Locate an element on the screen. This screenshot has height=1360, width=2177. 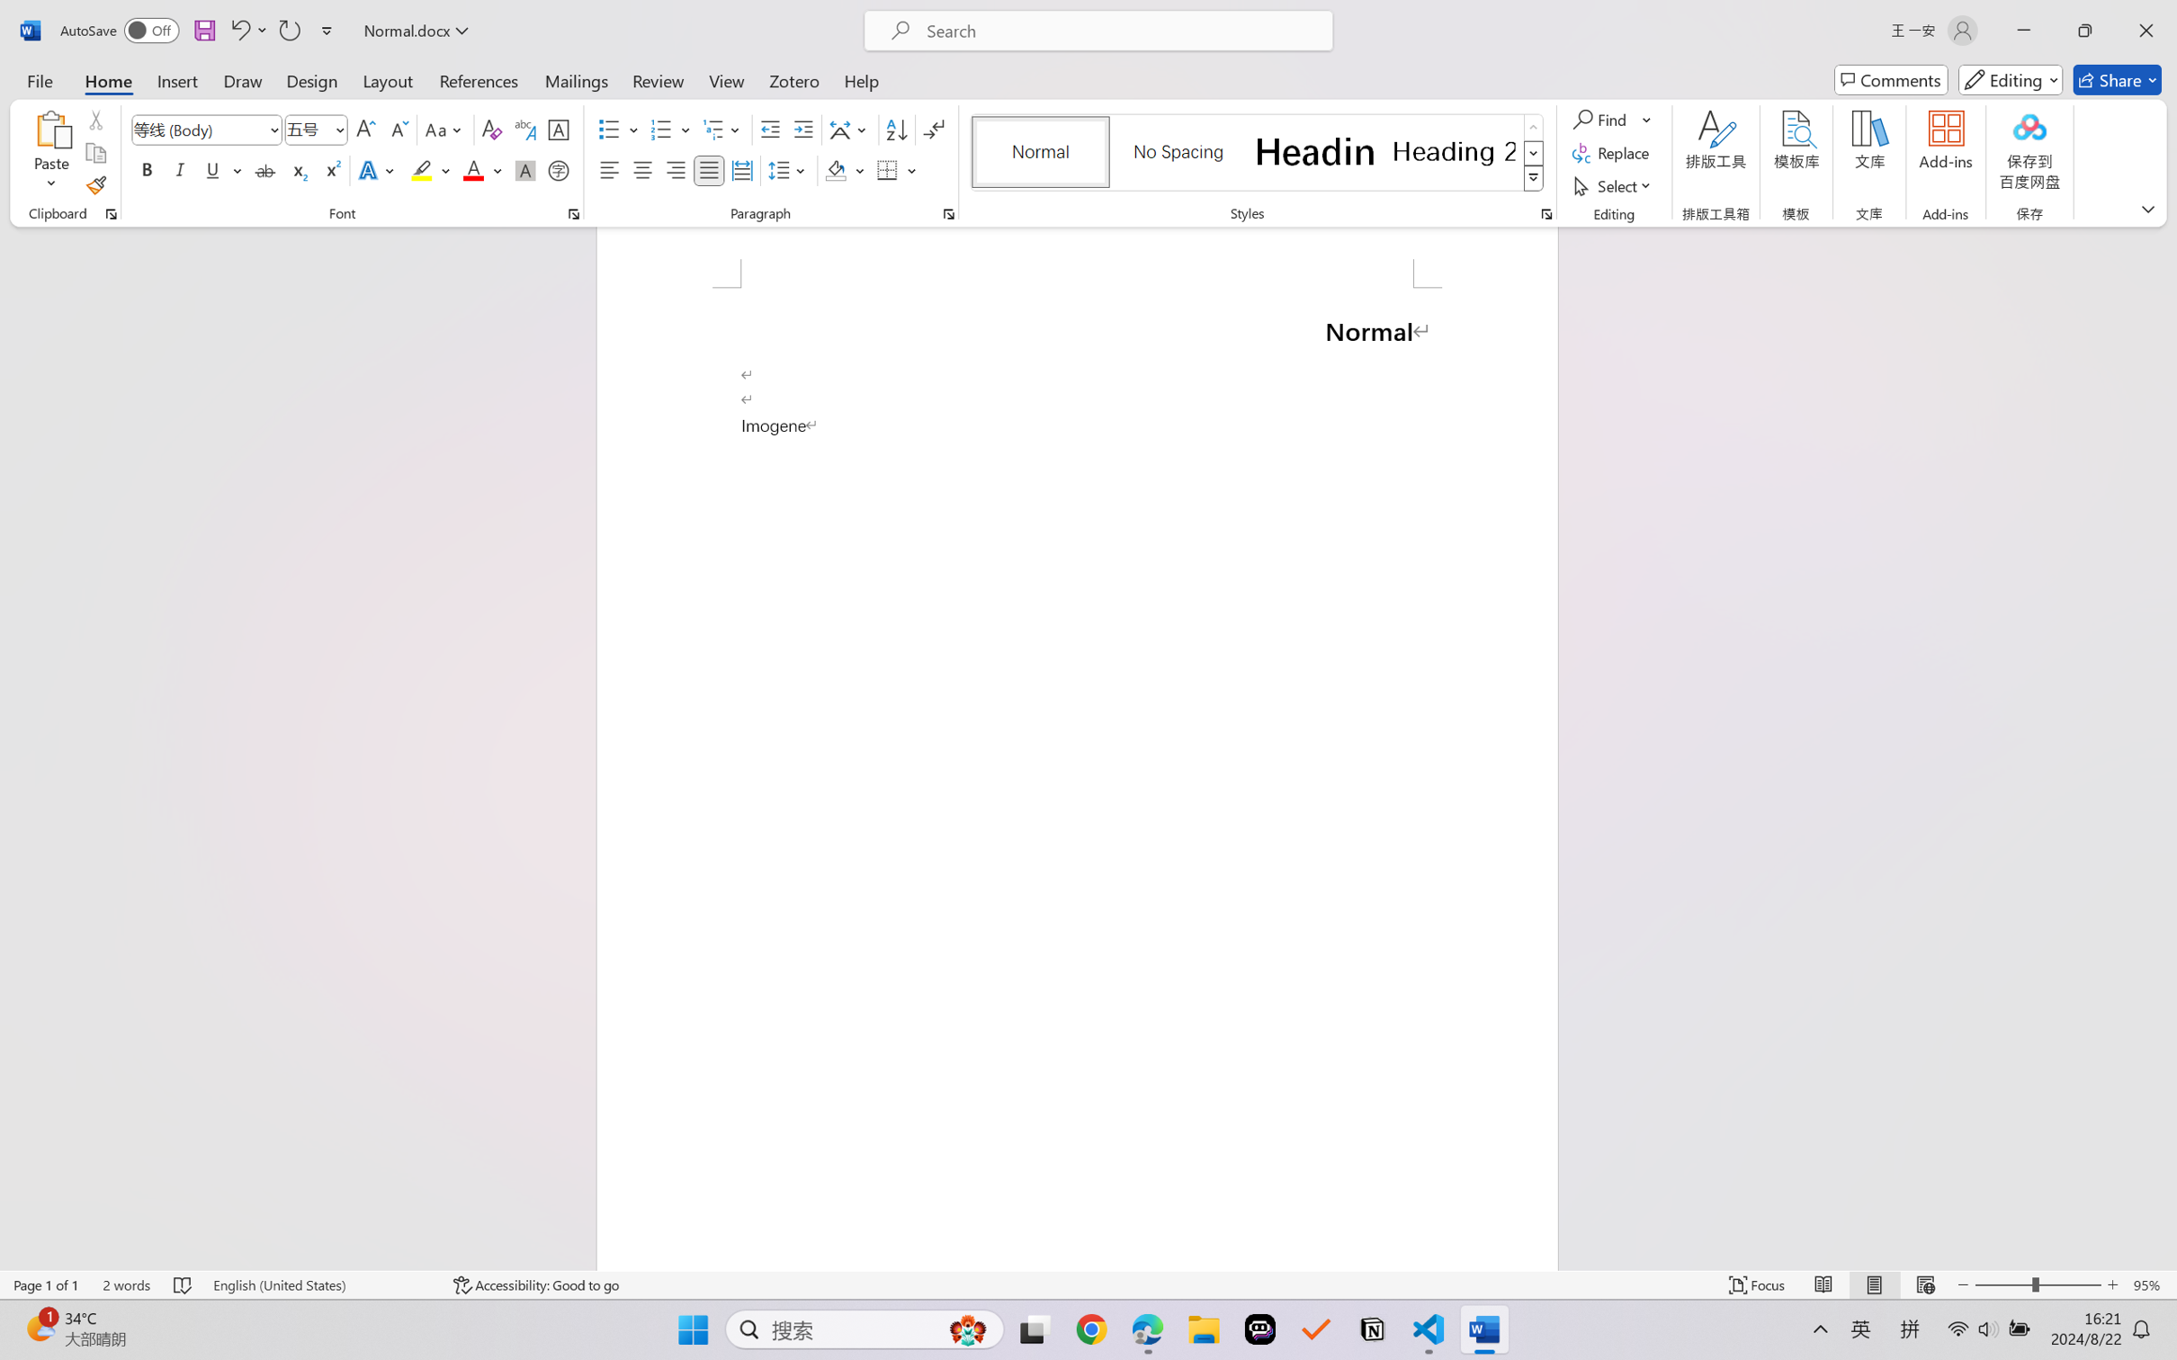
'Text Effects and Typography' is located at coordinates (378, 169).